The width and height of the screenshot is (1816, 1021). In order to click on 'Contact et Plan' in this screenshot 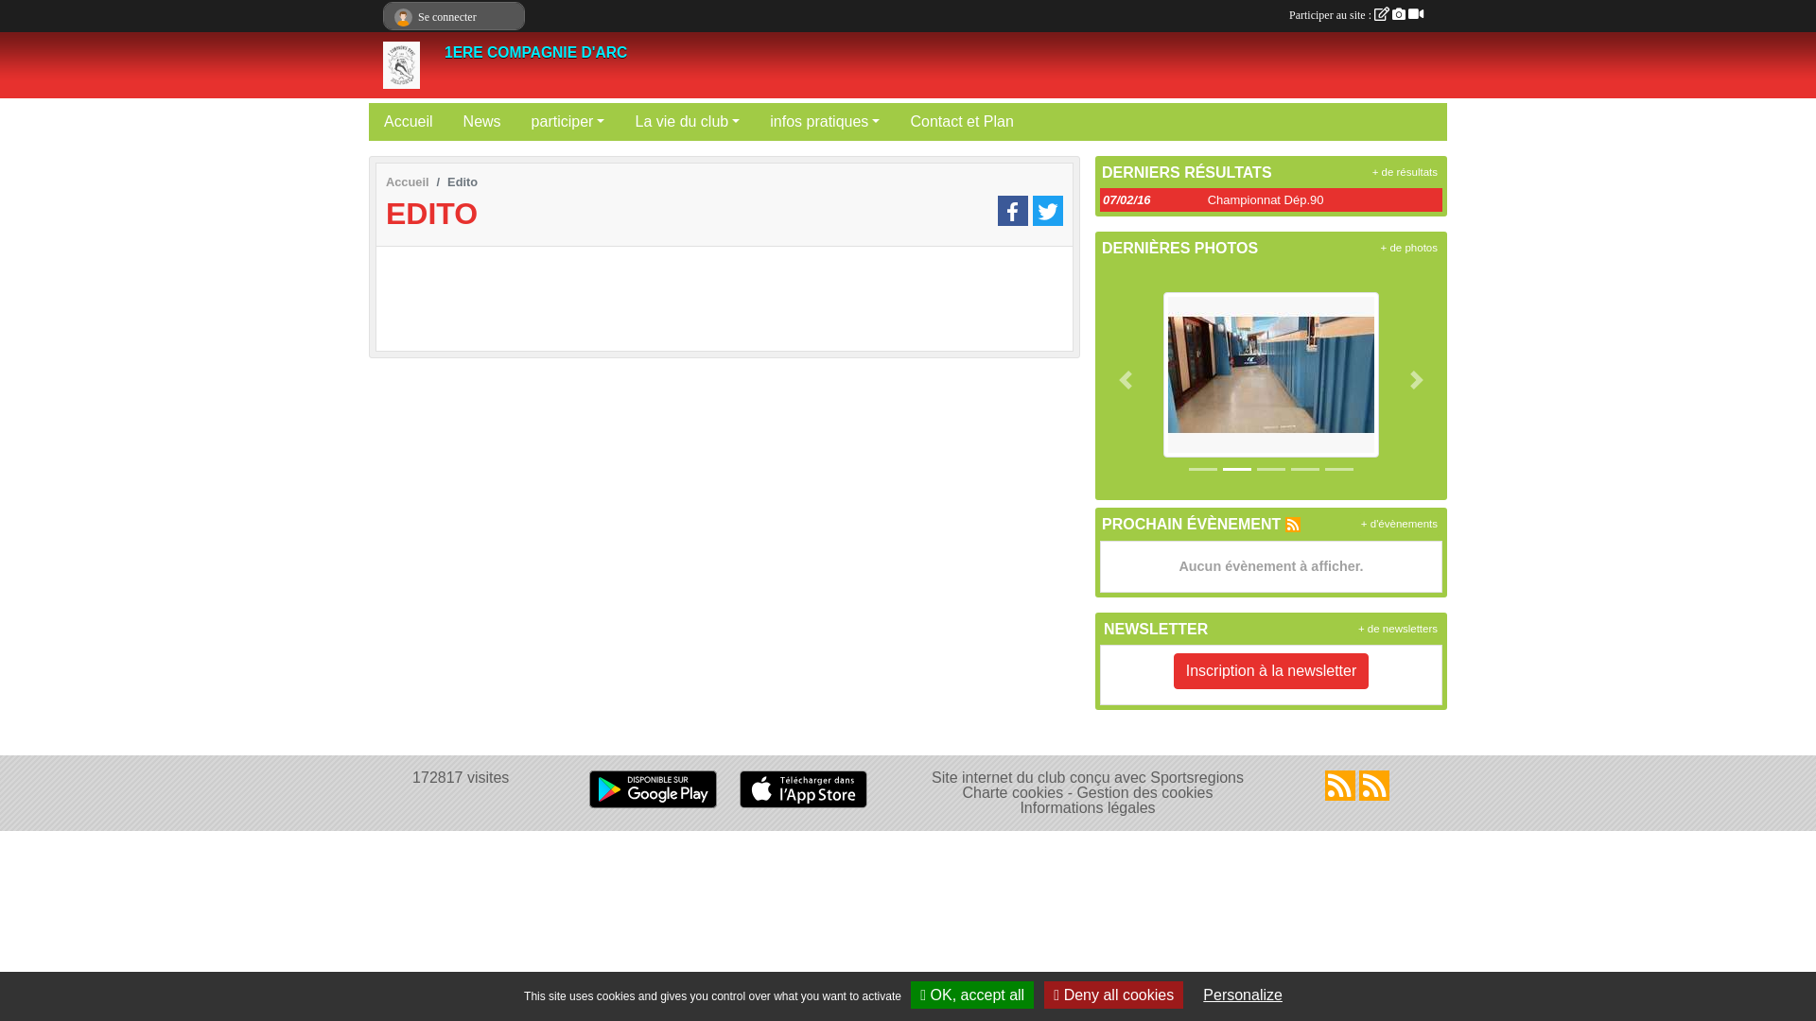, I will do `click(961, 121)`.